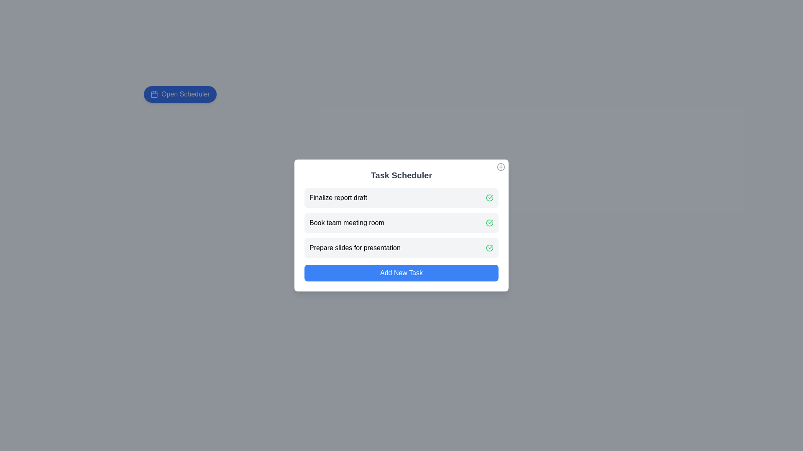 Image resolution: width=803 pixels, height=451 pixels. What do you see at coordinates (355, 248) in the screenshot?
I see `the text label displaying 'Prepare slides for presentation'` at bounding box center [355, 248].